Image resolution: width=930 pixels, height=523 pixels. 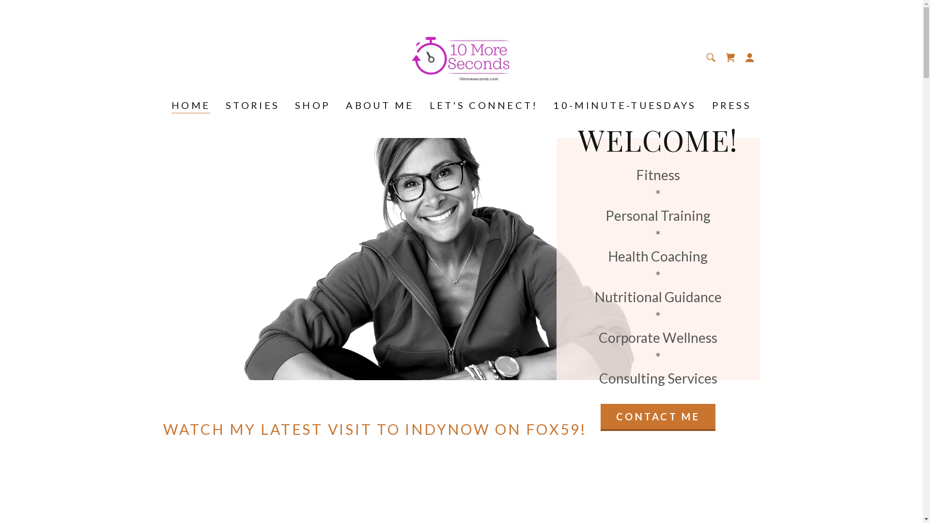 What do you see at coordinates (658, 416) in the screenshot?
I see `'CONTACT ME'` at bounding box center [658, 416].